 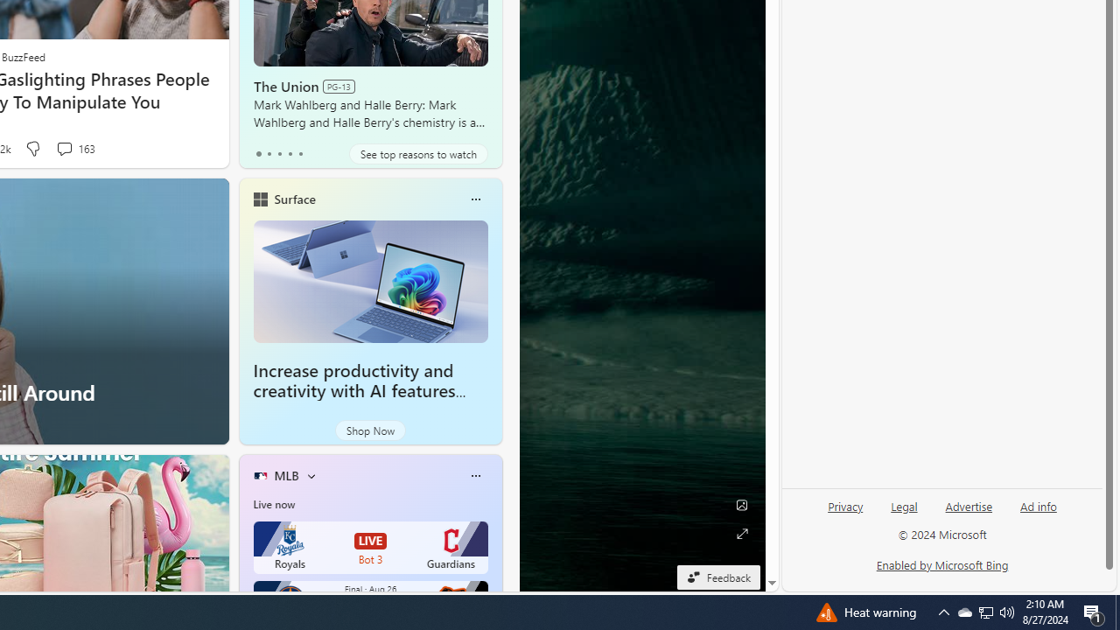 What do you see at coordinates (257, 153) in the screenshot?
I see `'tab-0'` at bounding box center [257, 153].